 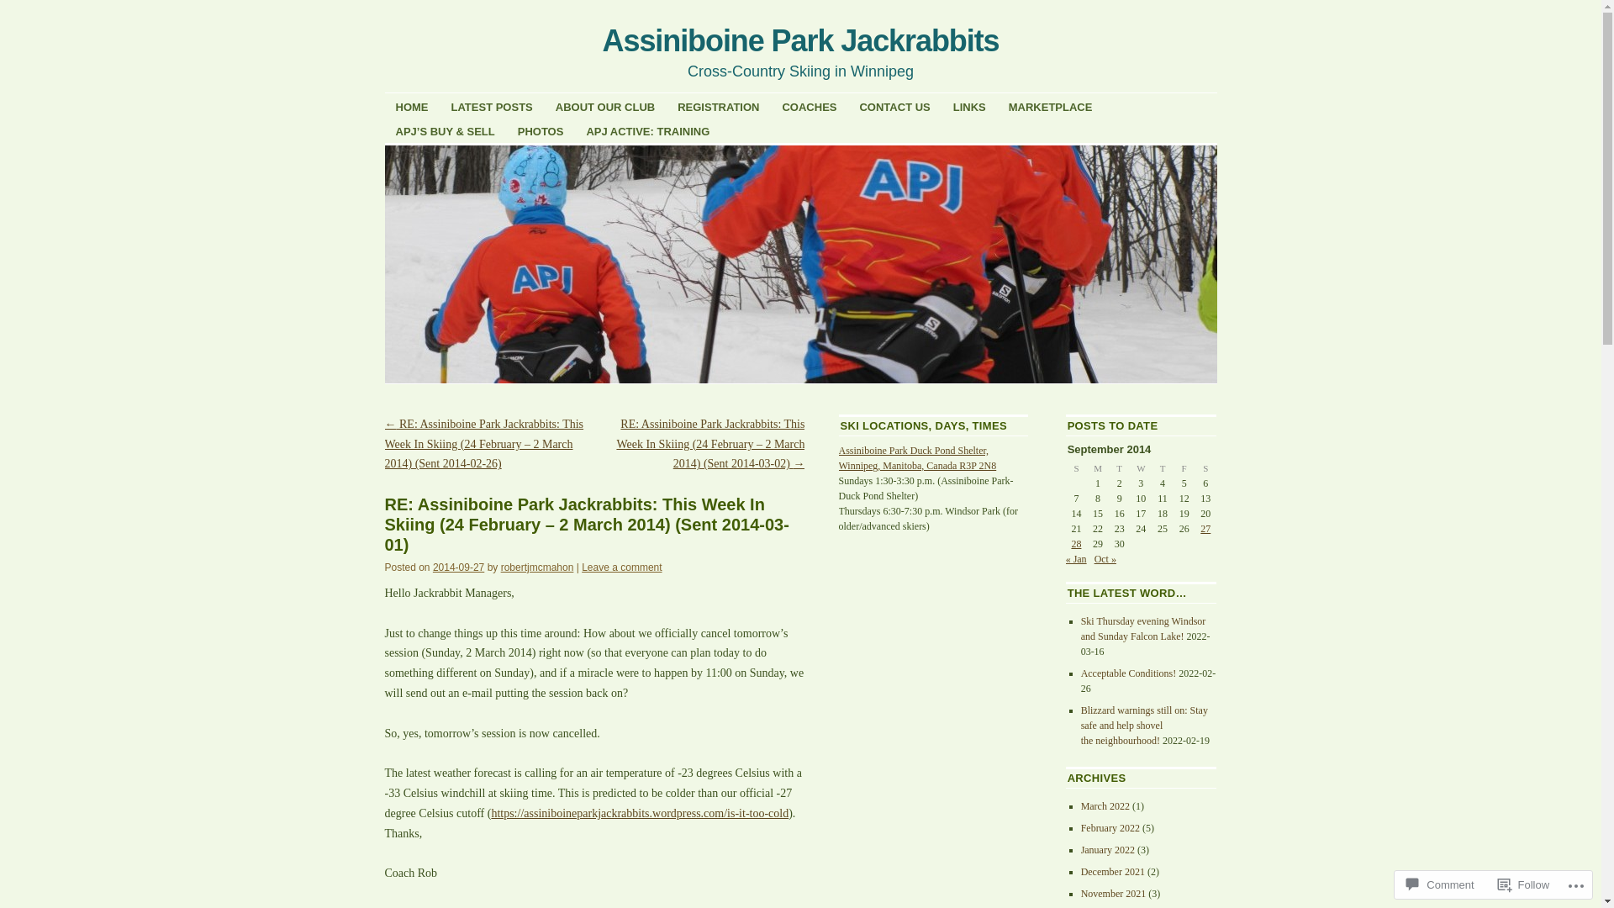 What do you see at coordinates (1110, 826) in the screenshot?
I see `'February 2022'` at bounding box center [1110, 826].